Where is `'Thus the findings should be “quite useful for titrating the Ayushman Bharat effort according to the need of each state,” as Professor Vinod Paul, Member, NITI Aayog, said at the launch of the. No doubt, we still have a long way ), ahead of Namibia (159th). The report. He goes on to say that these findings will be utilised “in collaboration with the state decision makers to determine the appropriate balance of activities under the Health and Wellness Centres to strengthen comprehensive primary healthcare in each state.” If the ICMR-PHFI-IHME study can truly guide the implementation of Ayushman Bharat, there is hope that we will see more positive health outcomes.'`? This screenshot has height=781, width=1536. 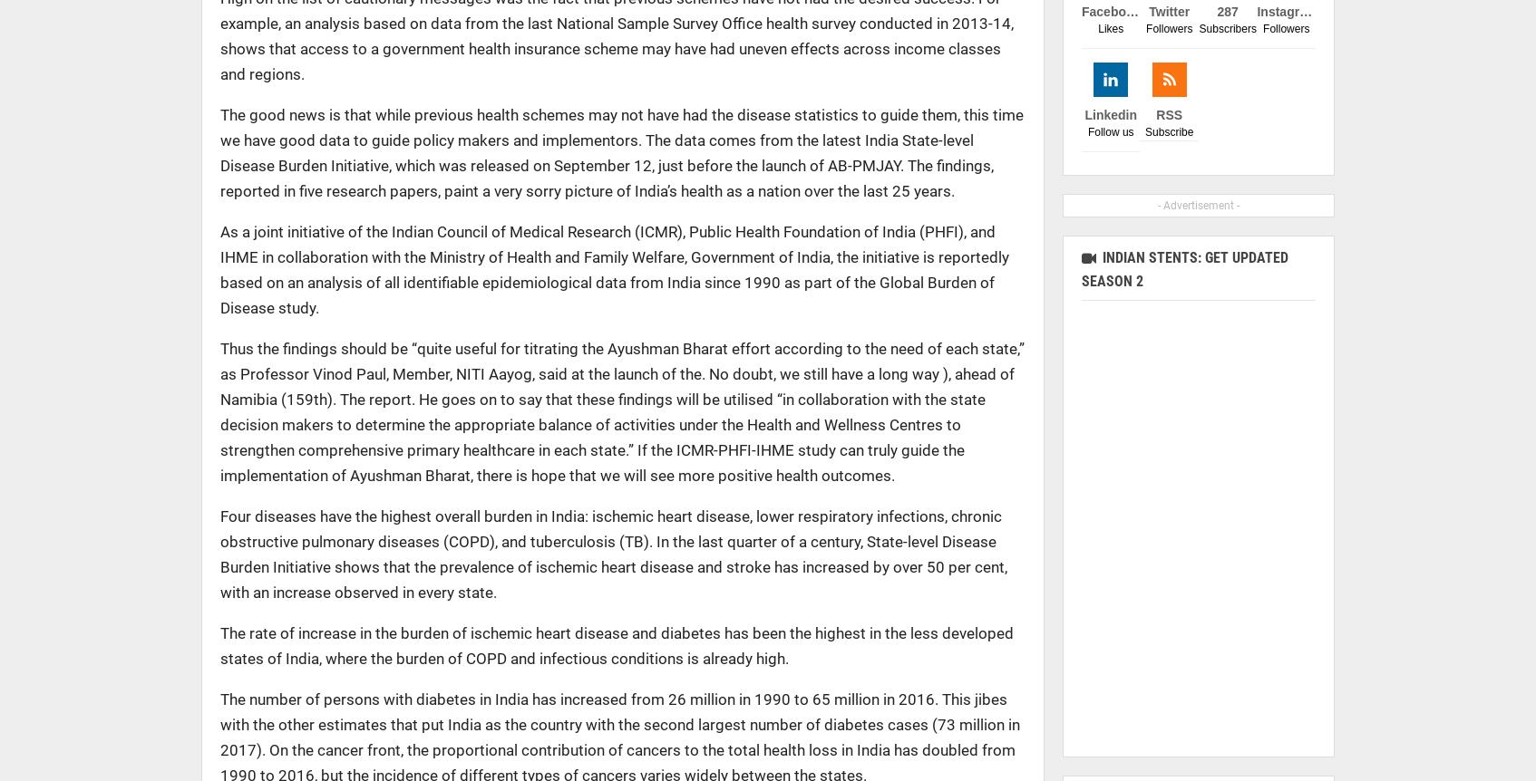 'Thus the findings should be “quite useful for titrating the Ayushman Bharat effort according to the need of each state,” as Professor Vinod Paul, Member, NITI Aayog, said at the launch of the. No doubt, we still have a long way ), ahead of Namibia (159th). The report. He goes on to say that these findings will be utilised “in collaboration with the state decision makers to determine the appropriate balance of activities under the Health and Wellness Centres to strengthen comprehensive primary healthcare in each state.” If the ICMR-PHFI-IHME study can truly guide the implementation of Ayushman Bharat, there is hope that we will see more positive health outcomes.' is located at coordinates (622, 411).